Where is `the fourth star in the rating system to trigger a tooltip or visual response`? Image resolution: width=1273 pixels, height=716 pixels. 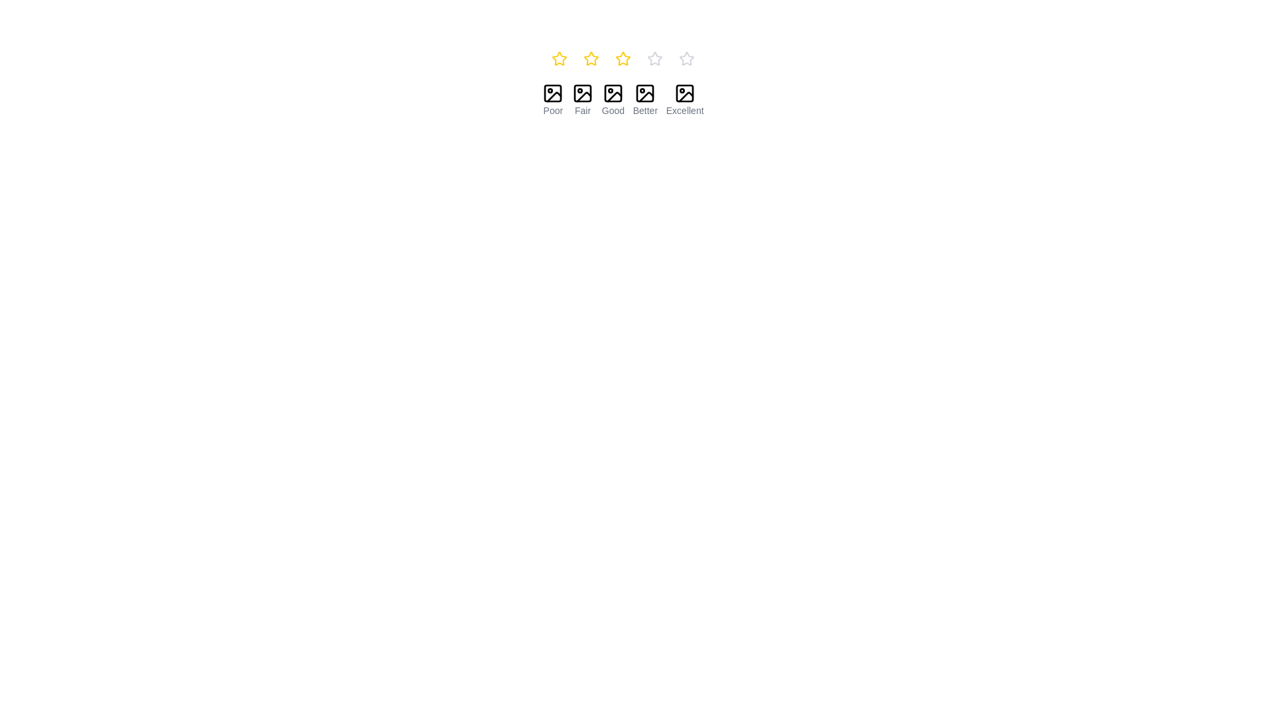 the fourth star in the rating system to trigger a tooltip or visual response is located at coordinates (687, 58).